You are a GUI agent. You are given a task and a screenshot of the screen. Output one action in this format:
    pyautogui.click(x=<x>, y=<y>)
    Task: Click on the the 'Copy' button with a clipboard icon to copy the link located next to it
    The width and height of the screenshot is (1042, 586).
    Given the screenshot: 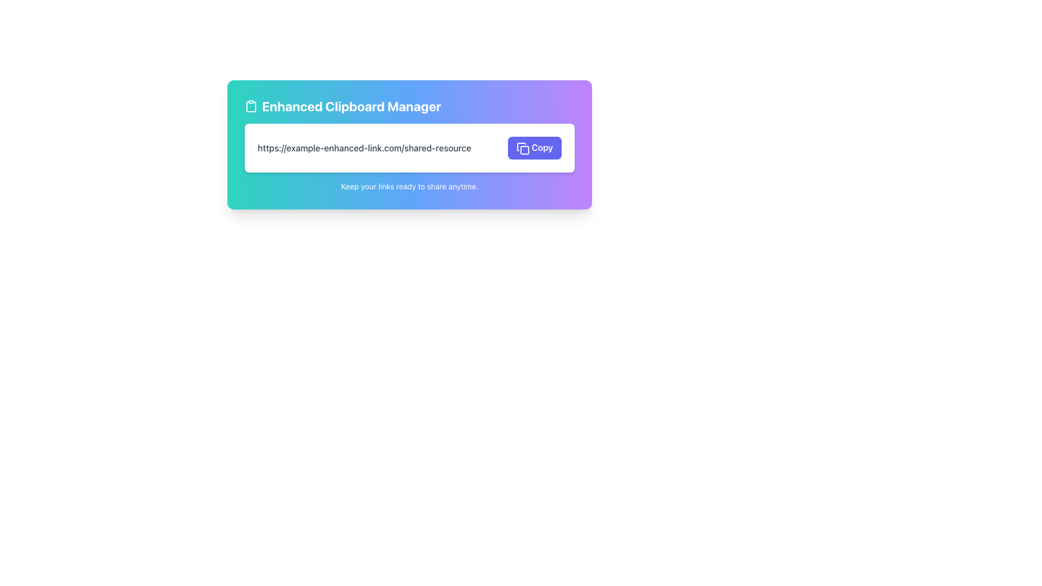 What is the action you would take?
    pyautogui.click(x=535, y=148)
    